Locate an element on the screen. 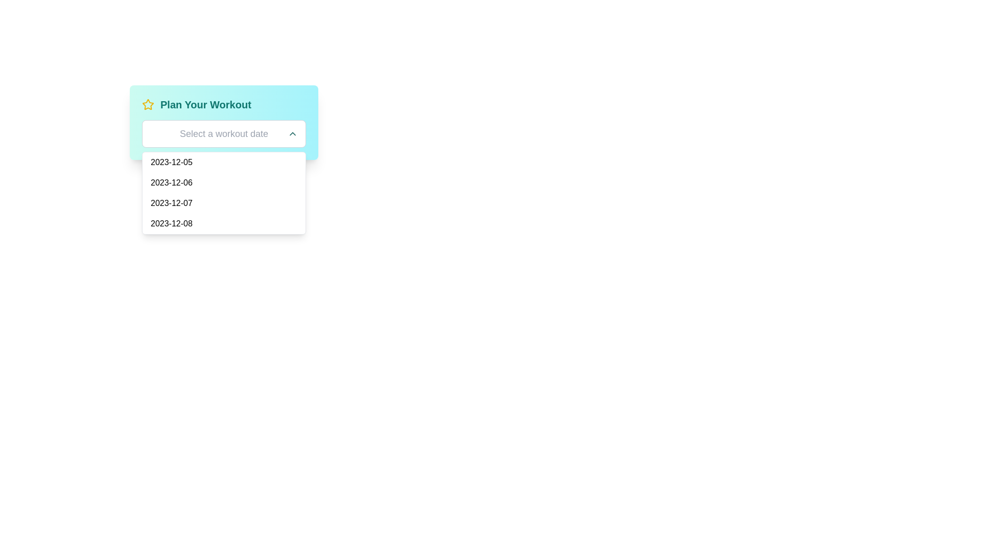  the date option in the dropdown list that appears below the 'Select a workout date' input field is located at coordinates (223, 193).